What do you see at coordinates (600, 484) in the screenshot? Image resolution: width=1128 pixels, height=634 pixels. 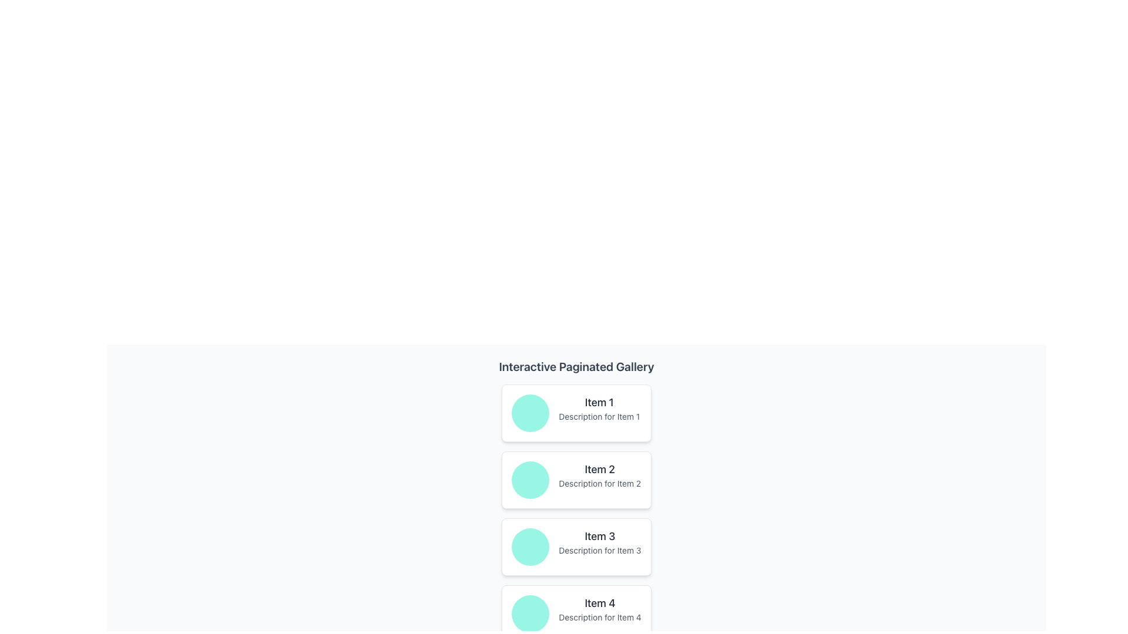 I see `the text label that provides a descriptive subtitle for 'Item 2', located directly below the title in the second item card of the vertically stacked list` at bounding box center [600, 484].